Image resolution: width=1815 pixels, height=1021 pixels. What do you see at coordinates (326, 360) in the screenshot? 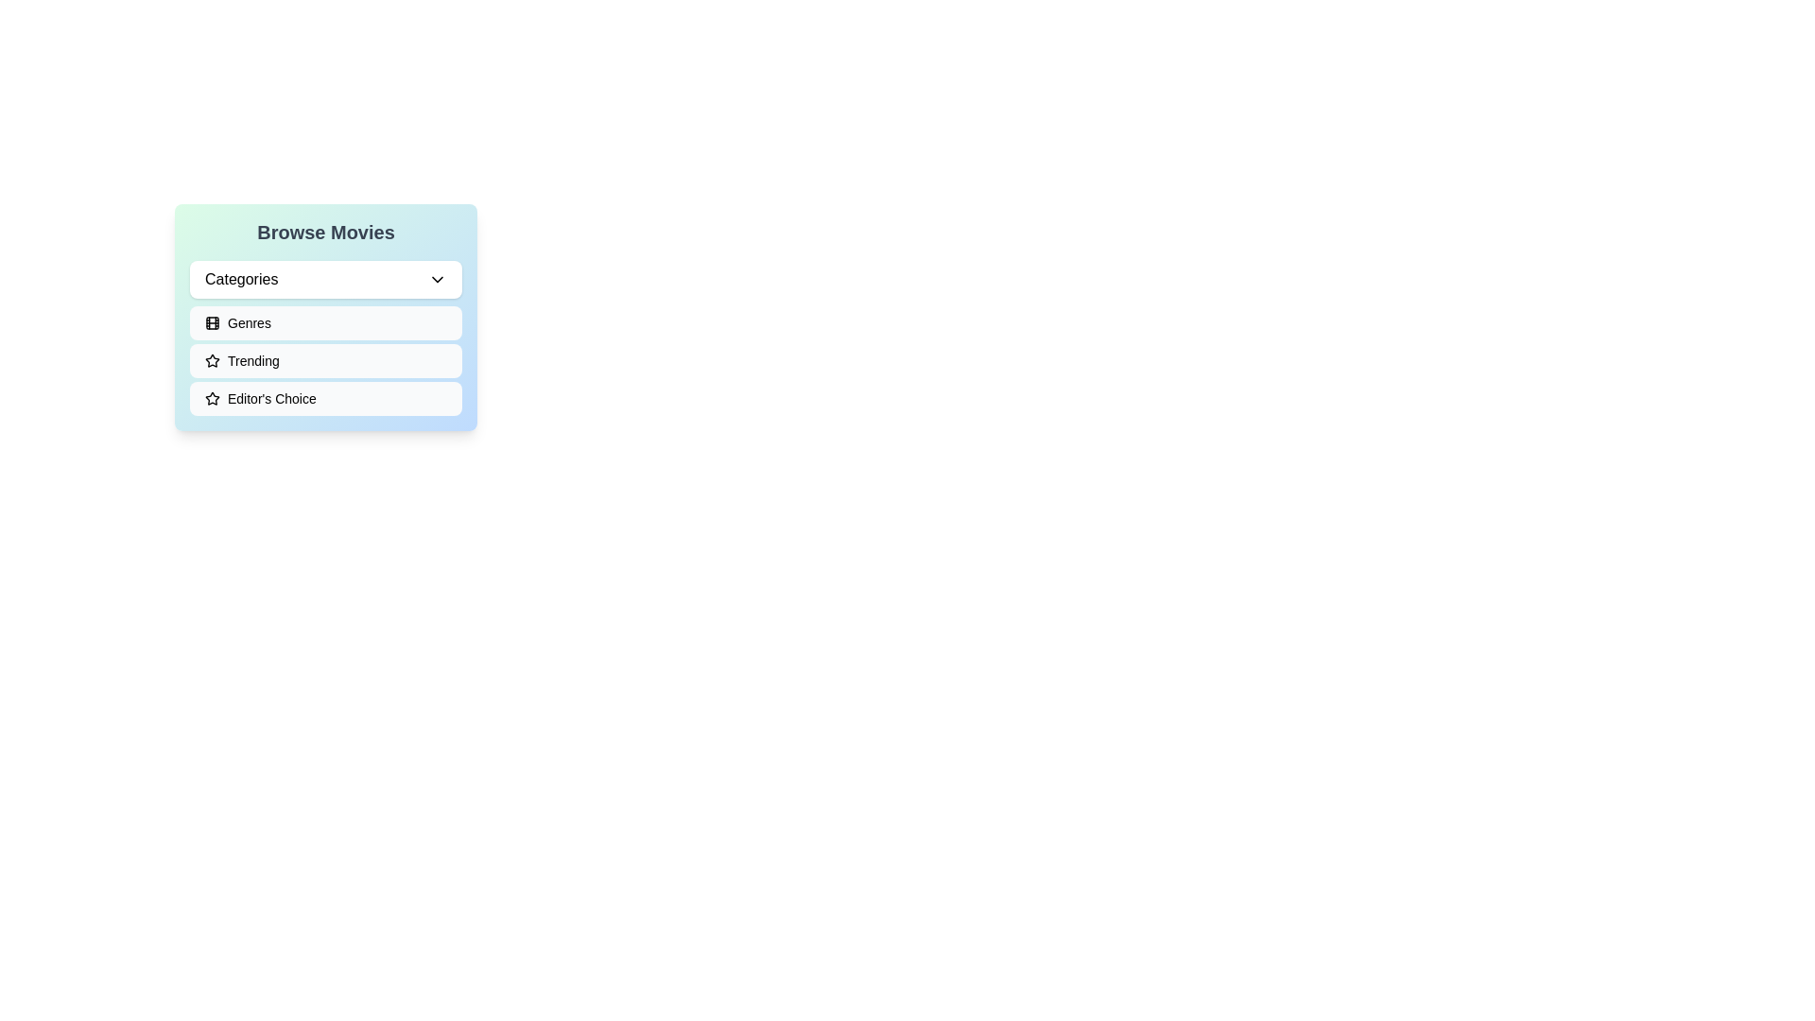
I see `the 'Trending' category list item within the category menu` at bounding box center [326, 360].